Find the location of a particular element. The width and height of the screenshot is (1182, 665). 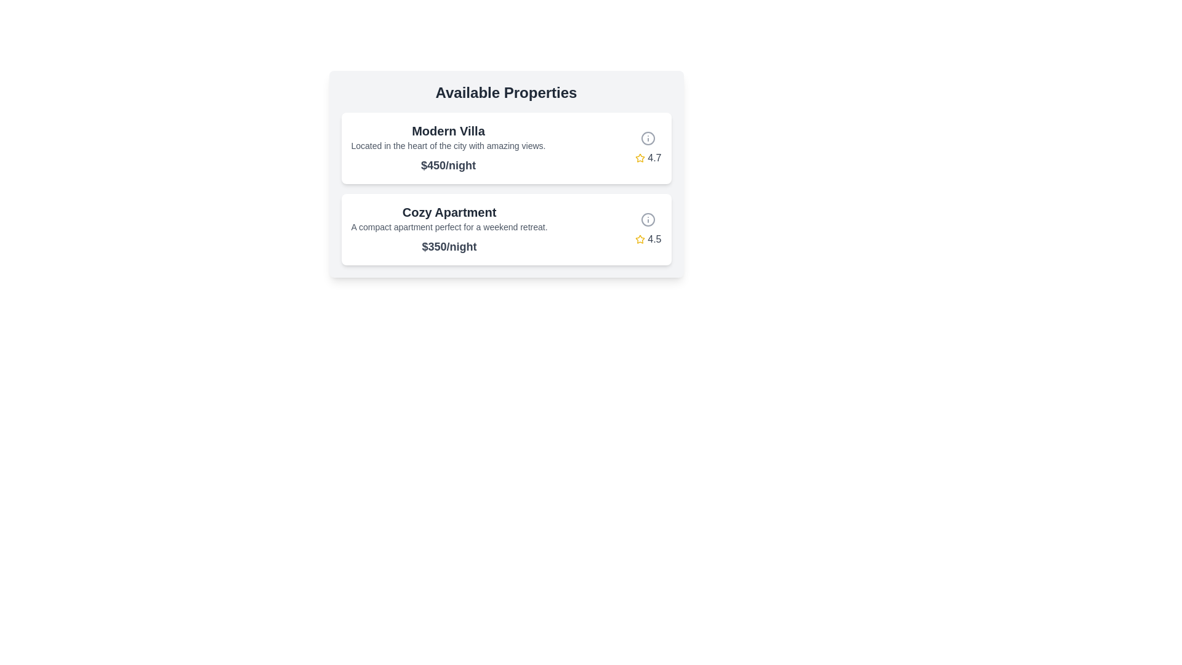

text from the header label located at the center of the card above the list of properties is located at coordinates (506, 92).